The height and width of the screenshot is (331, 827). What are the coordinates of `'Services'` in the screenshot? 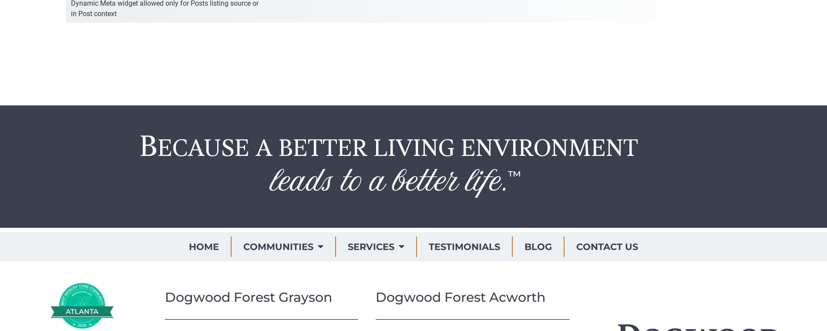 It's located at (370, 246).